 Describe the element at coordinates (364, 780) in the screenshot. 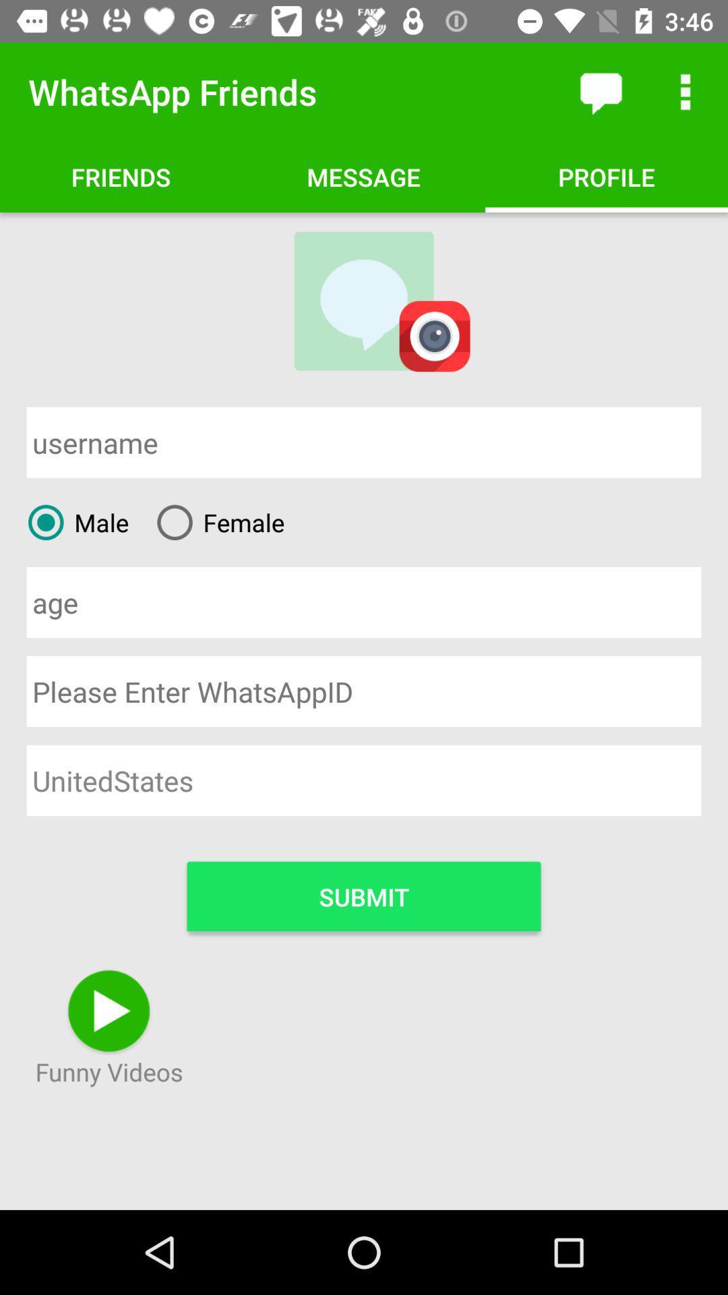

I see `the unitedstates` at that location.